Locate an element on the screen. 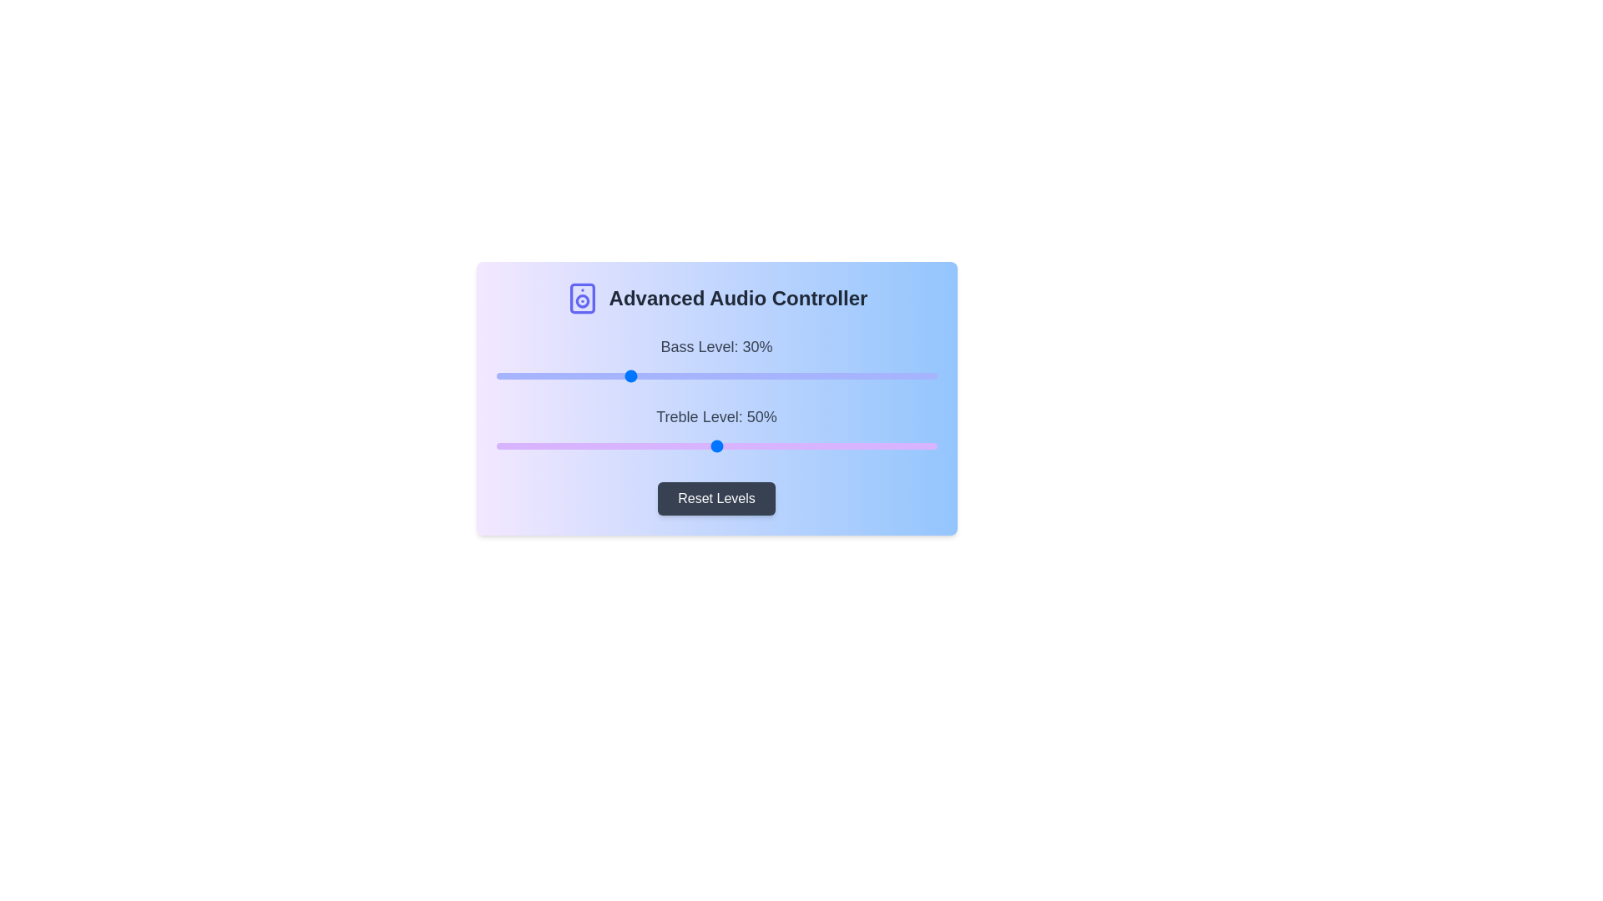  the 0 slider to 60% is located at coordinates (760, 376).